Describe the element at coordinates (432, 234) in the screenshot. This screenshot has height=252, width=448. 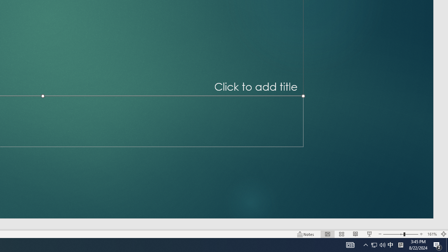
I see `'Zoom 161%'` at that location.